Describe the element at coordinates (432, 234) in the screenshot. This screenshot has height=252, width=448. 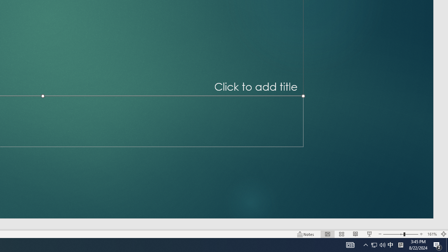
I see `'Zoom 161%'` at that location.